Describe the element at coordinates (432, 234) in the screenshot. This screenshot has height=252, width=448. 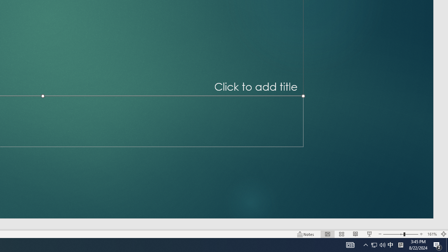
I see `'Zoom 161%'` at that location.